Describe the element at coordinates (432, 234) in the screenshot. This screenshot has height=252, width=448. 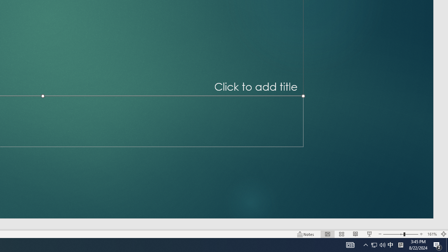
I see `'Zoom 161%'` at that location.